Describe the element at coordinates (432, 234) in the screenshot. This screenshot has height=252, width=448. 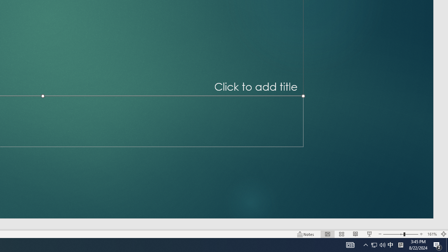
I see `'Zoom 161%'` at that location.